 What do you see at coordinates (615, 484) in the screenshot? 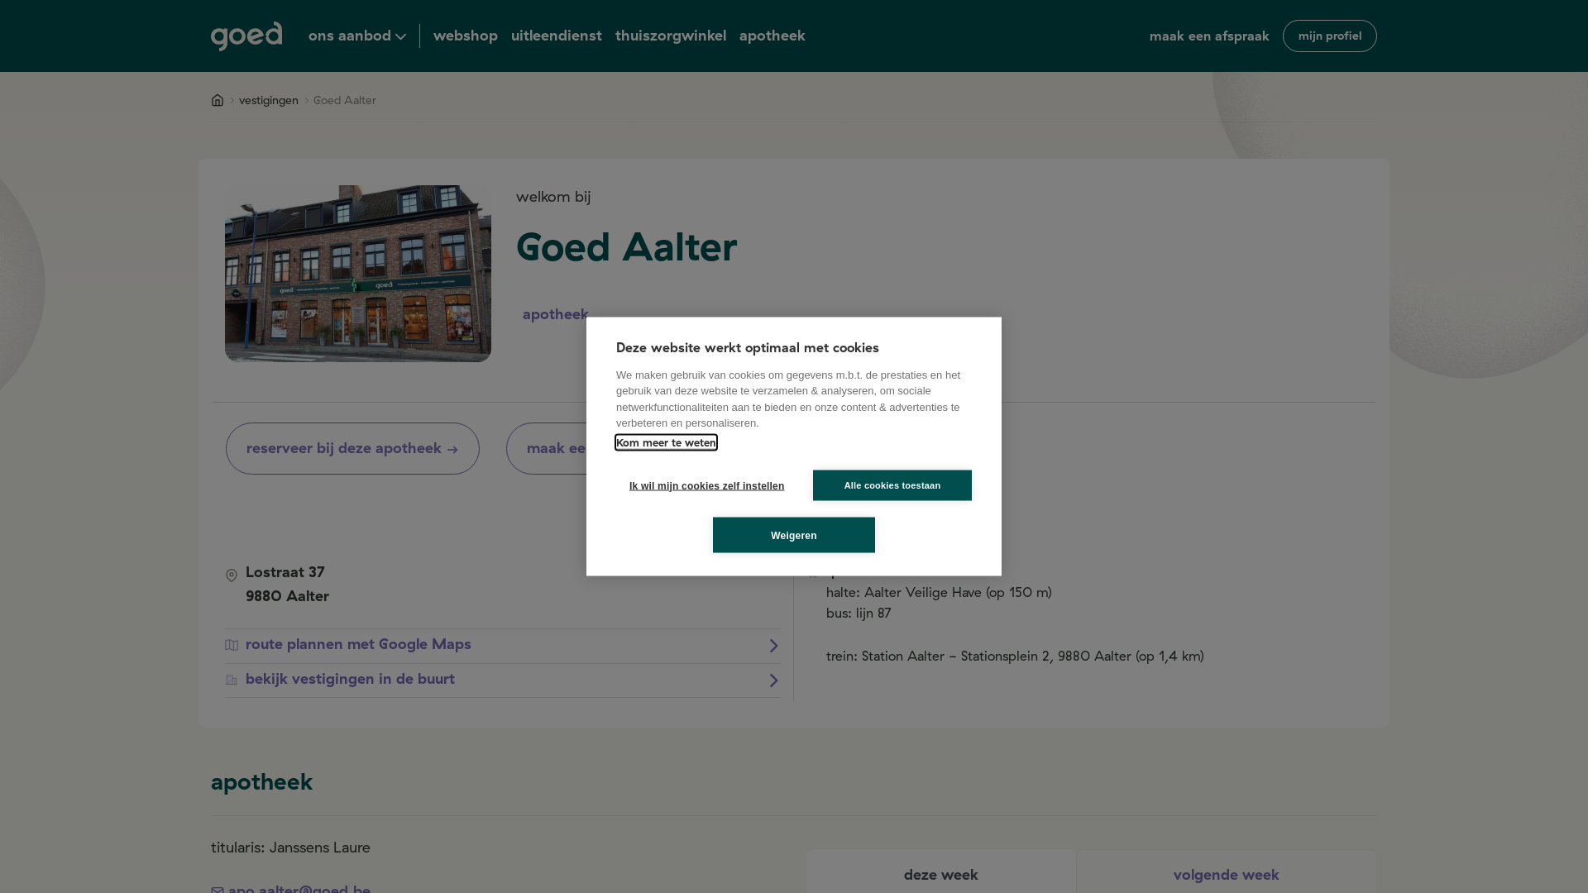
I see `'Ik wil mijn cookies zelf instellen'` at bounding box center [615, 484].